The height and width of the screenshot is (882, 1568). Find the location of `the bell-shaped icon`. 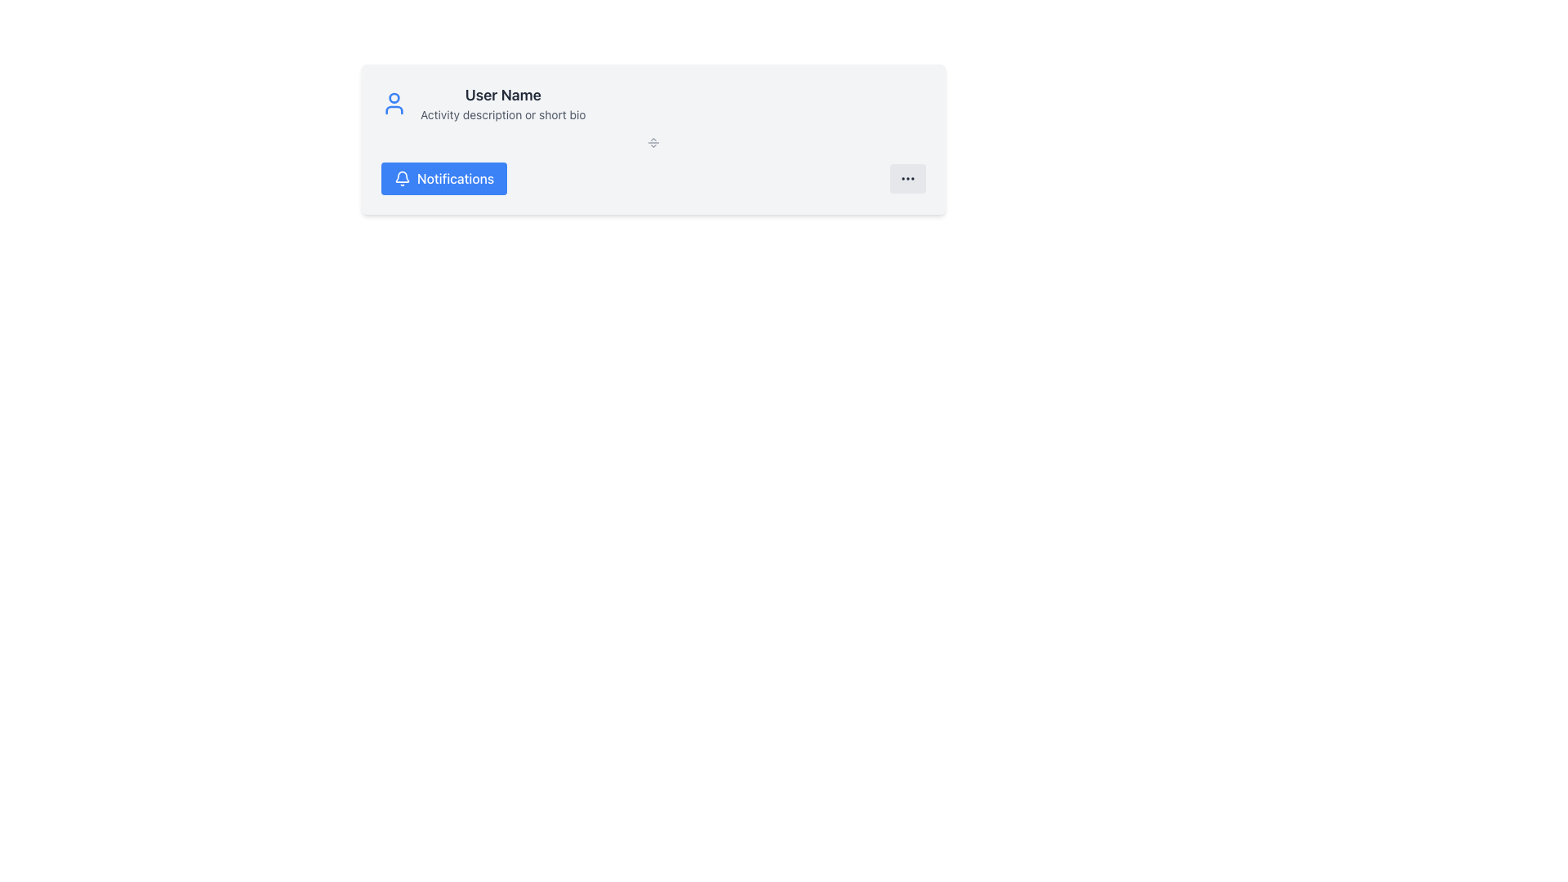

the bell-shaped icon is located at coordinates (403, 179).